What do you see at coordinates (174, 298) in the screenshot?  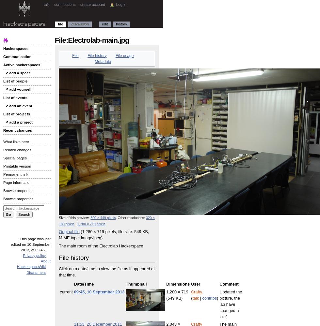 I see `'(549 KB)'` at bounding box center [174, 298].